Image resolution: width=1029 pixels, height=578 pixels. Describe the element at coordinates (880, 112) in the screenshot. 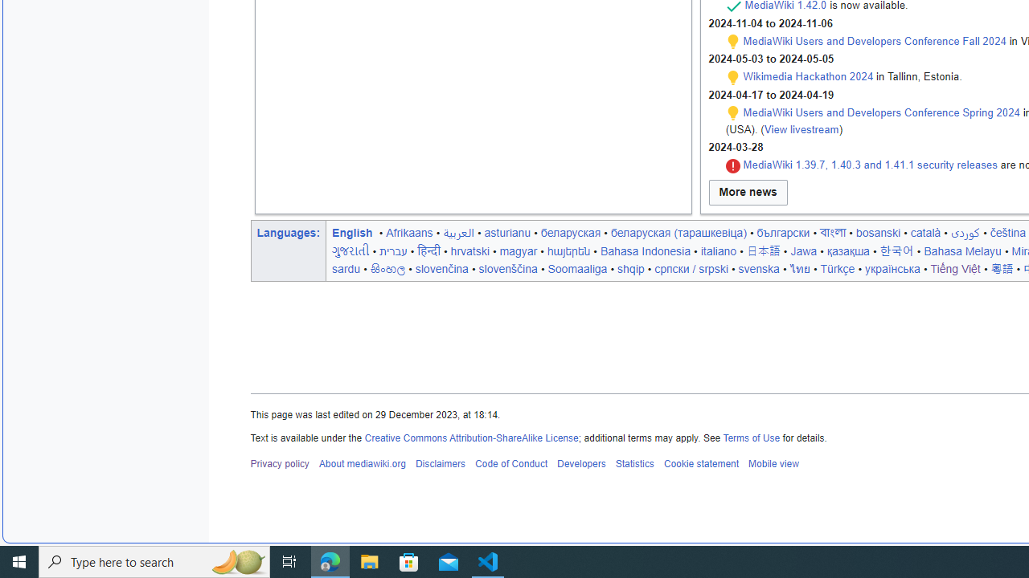

I see `'MediaWiki Users and Developers Conference Spring 2024'` at that location.